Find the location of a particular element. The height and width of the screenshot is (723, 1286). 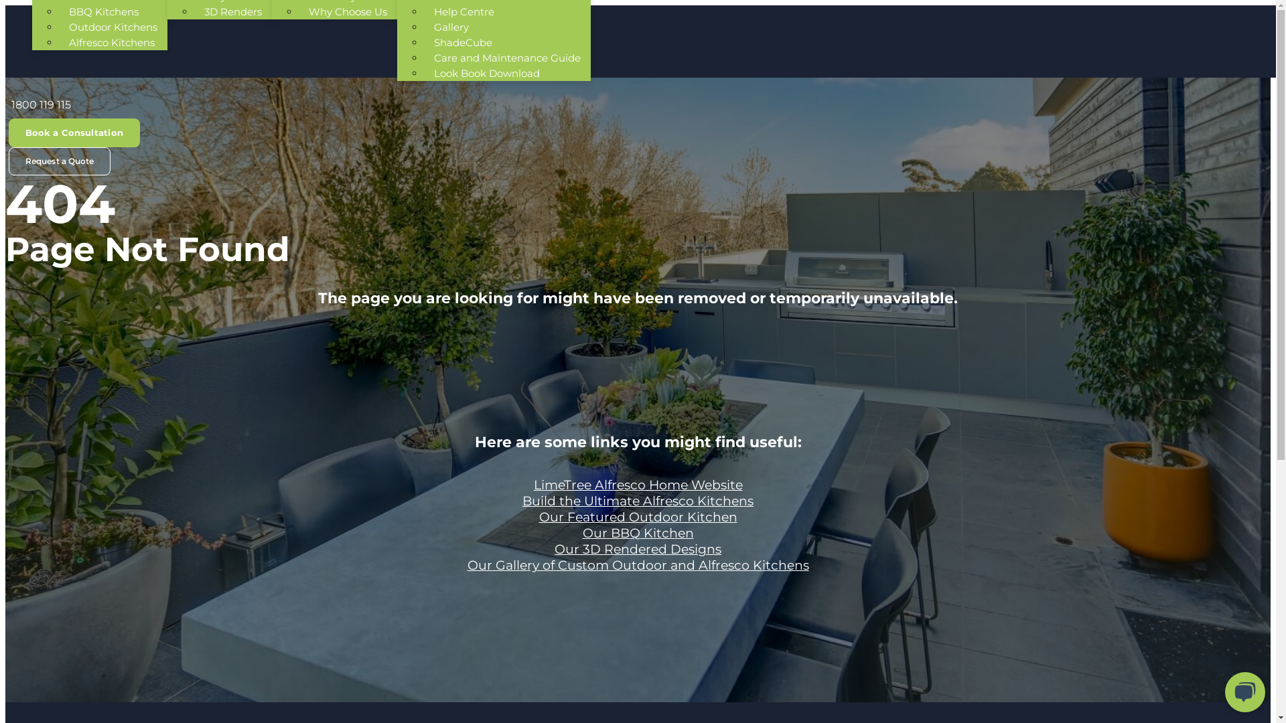

'Our Gallery of Custom Outdoor and Alfresco Kitchens' is located at coordinates (638, 565).